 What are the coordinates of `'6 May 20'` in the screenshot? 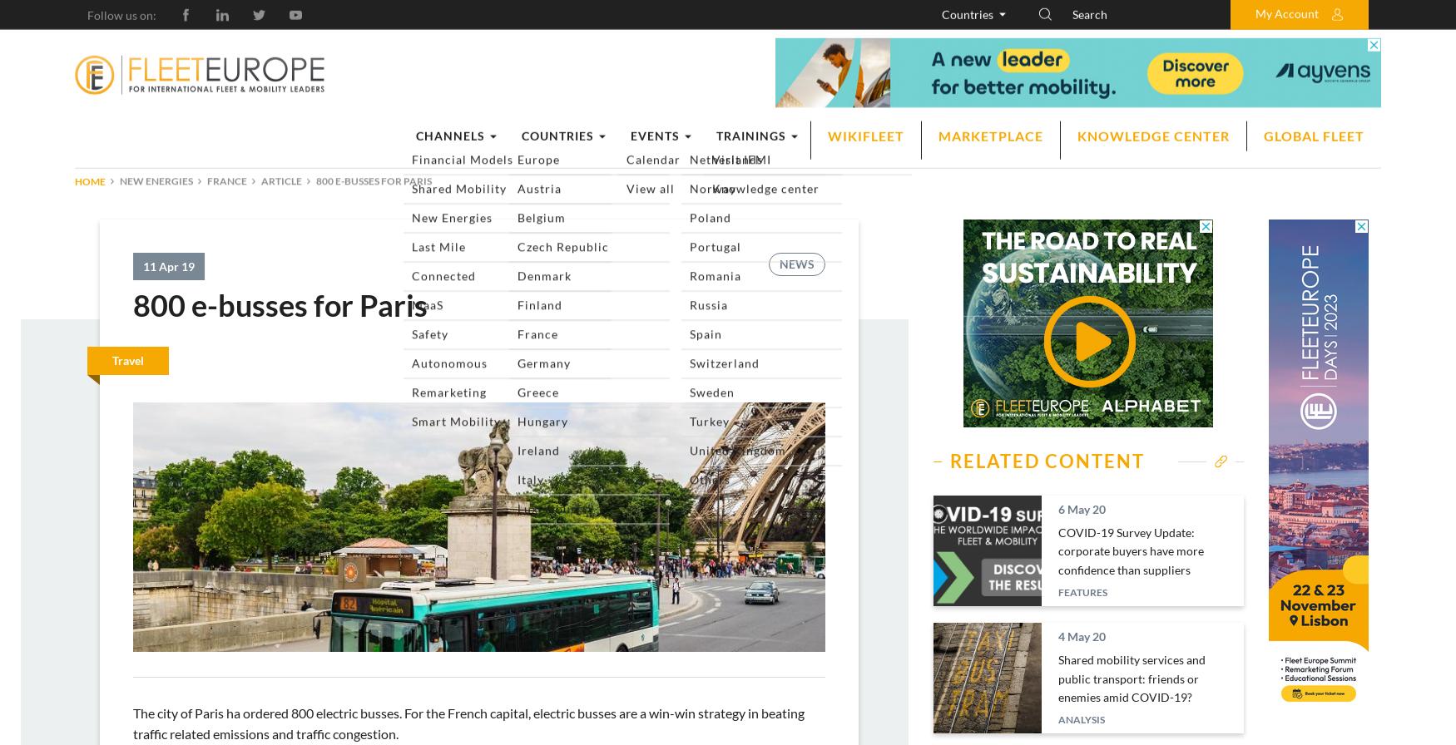 It's located at (1080, 509).